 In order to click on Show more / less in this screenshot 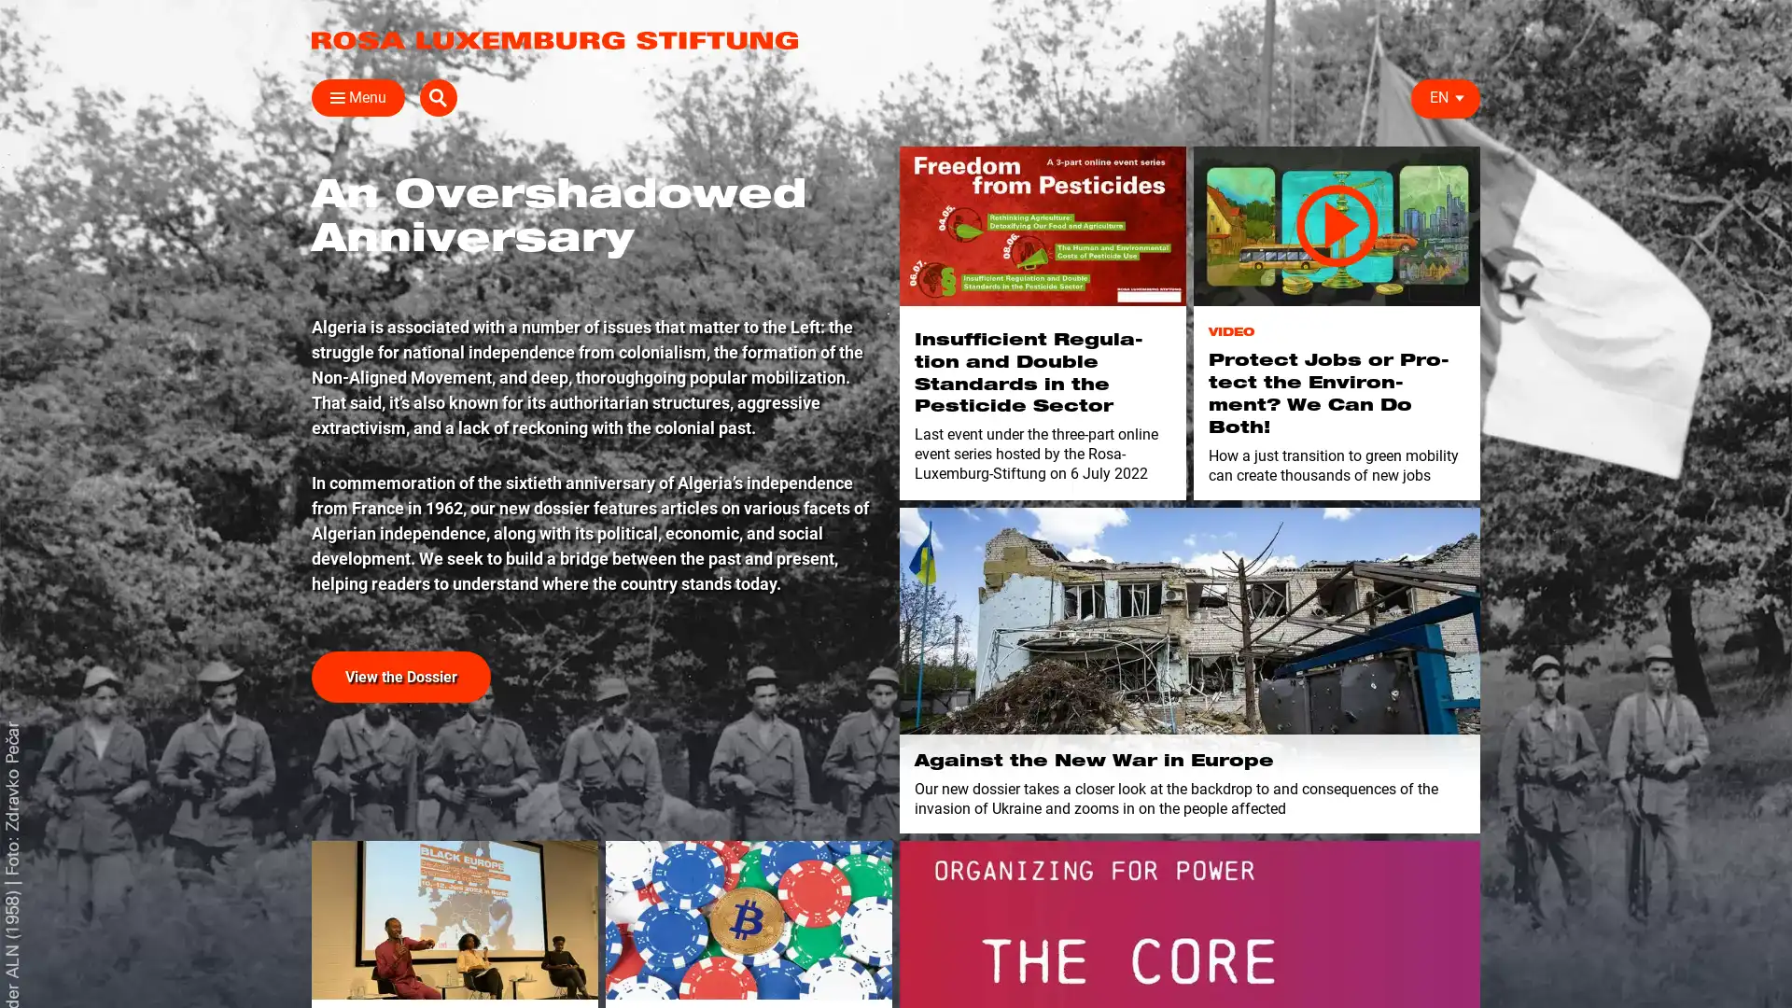, I will do `click(303, 368)`.